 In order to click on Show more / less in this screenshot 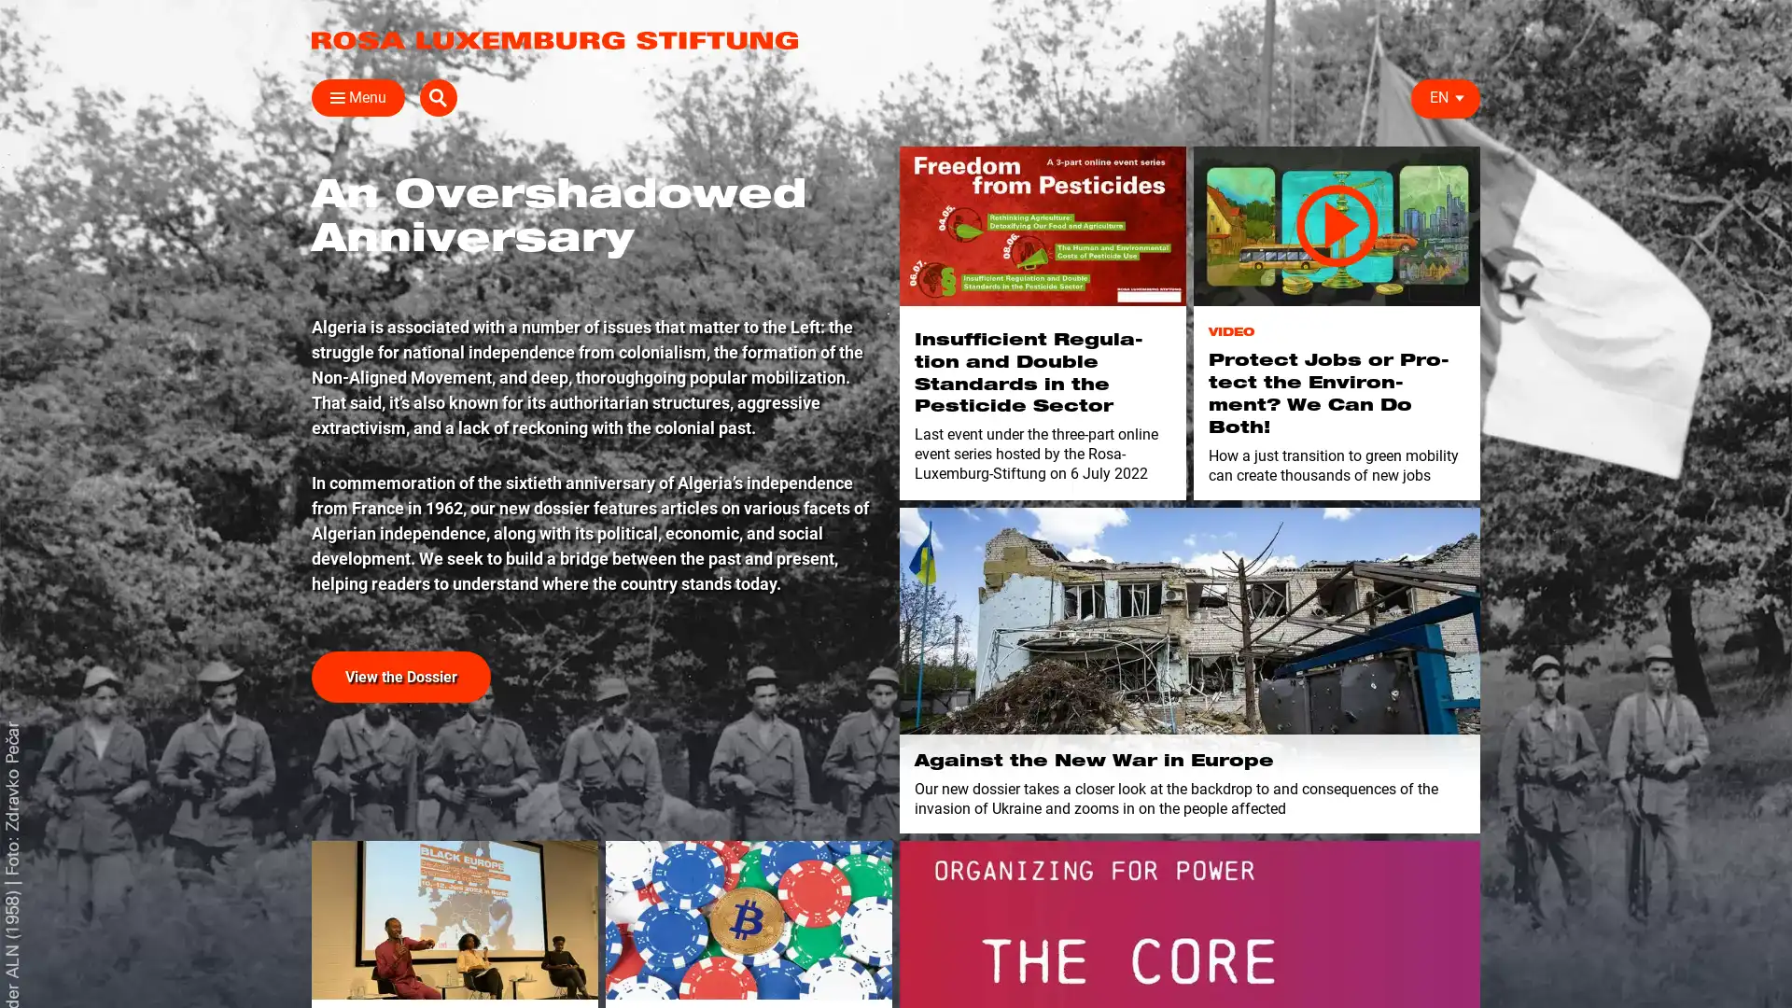, I will do `click(303, 368)`.